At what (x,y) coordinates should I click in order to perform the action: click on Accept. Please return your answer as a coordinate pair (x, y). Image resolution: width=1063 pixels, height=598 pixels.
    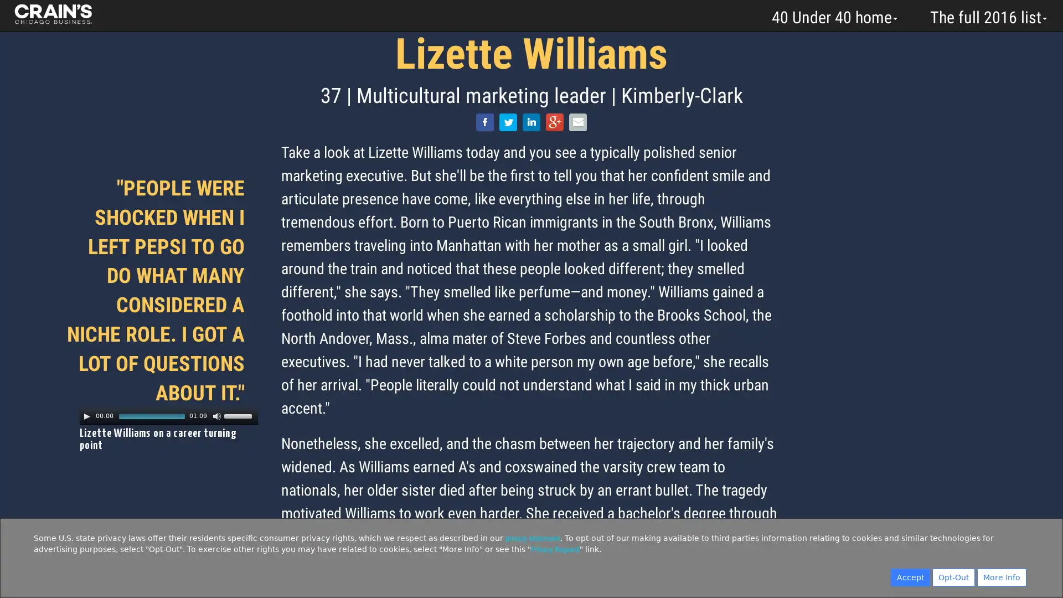
    Looking at the image, I should click on (910, 576).